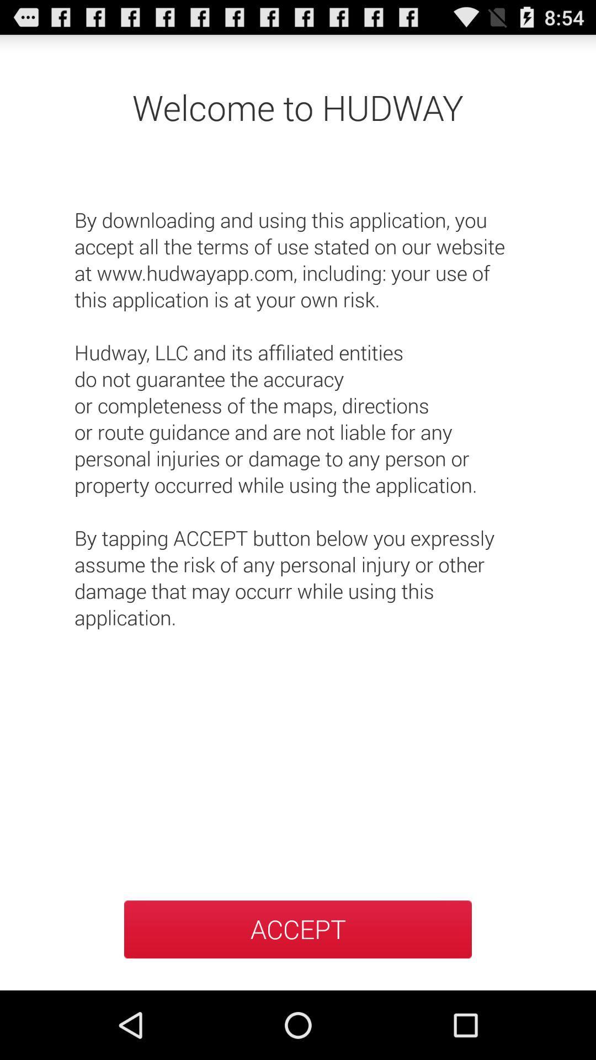 This screenshot has width=596, height=1060. I want to click on by downloading and icon, so click(298, 405).